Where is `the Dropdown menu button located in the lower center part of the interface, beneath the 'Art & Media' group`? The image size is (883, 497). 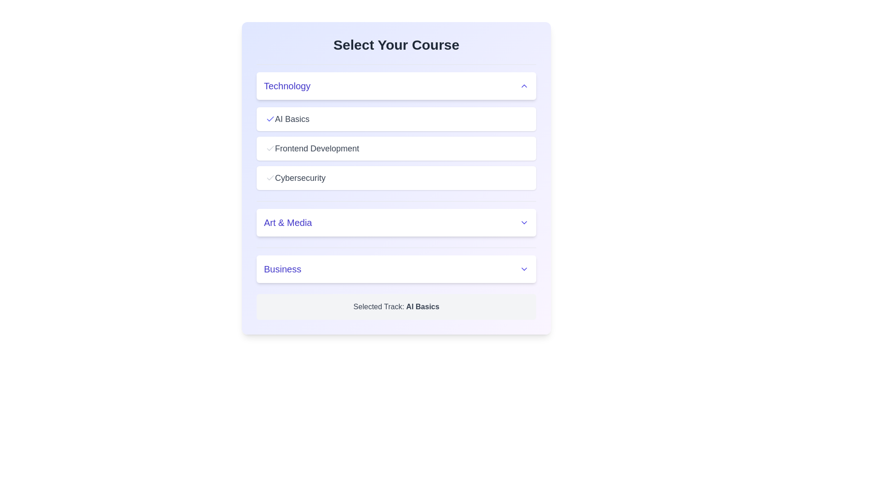
the Dropdown menu button located in the lower center part of the interface, beneath the 'Art & Media' group is located at coordinates (396, 269).